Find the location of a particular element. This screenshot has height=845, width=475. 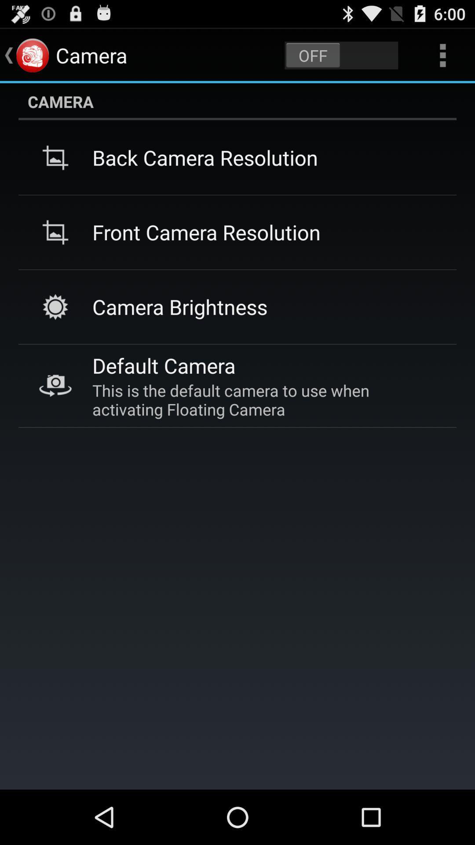

the item above the default camera is located at coordinates (179, 307).